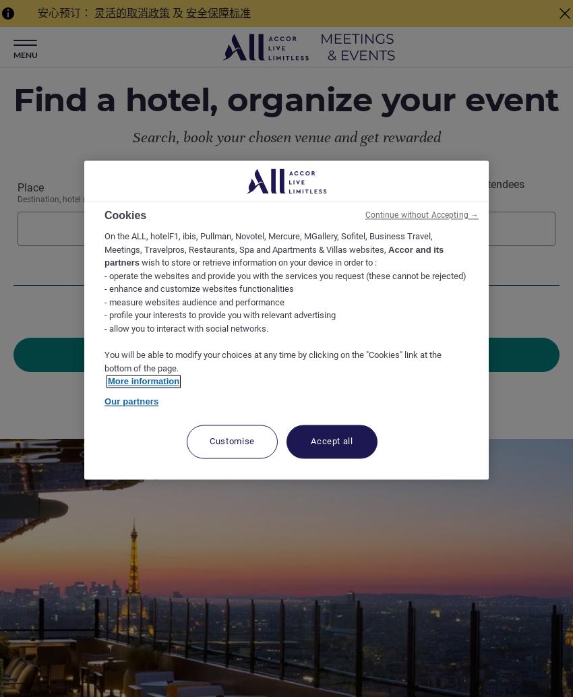  Describe the element at coordinates (286, 673) in the screenshot. I see `'Currency'` at that location.